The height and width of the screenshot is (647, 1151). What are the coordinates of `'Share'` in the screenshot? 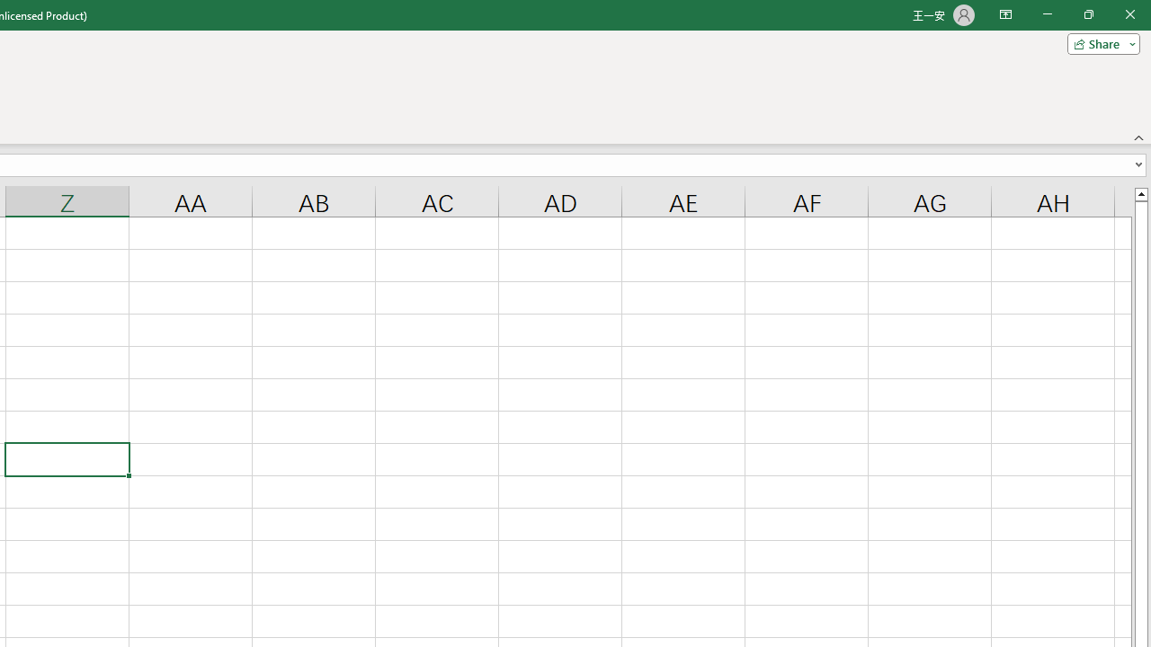 It's located at (1099, 42).